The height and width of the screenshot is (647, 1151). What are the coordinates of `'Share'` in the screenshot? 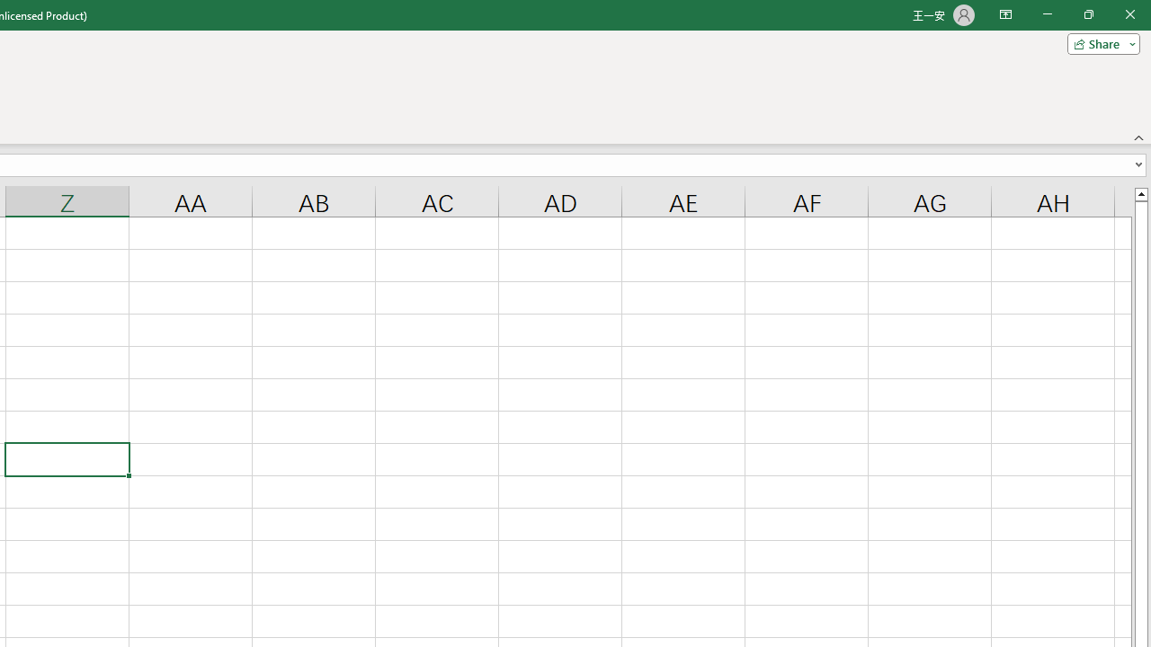 It's located at (1099, 42).